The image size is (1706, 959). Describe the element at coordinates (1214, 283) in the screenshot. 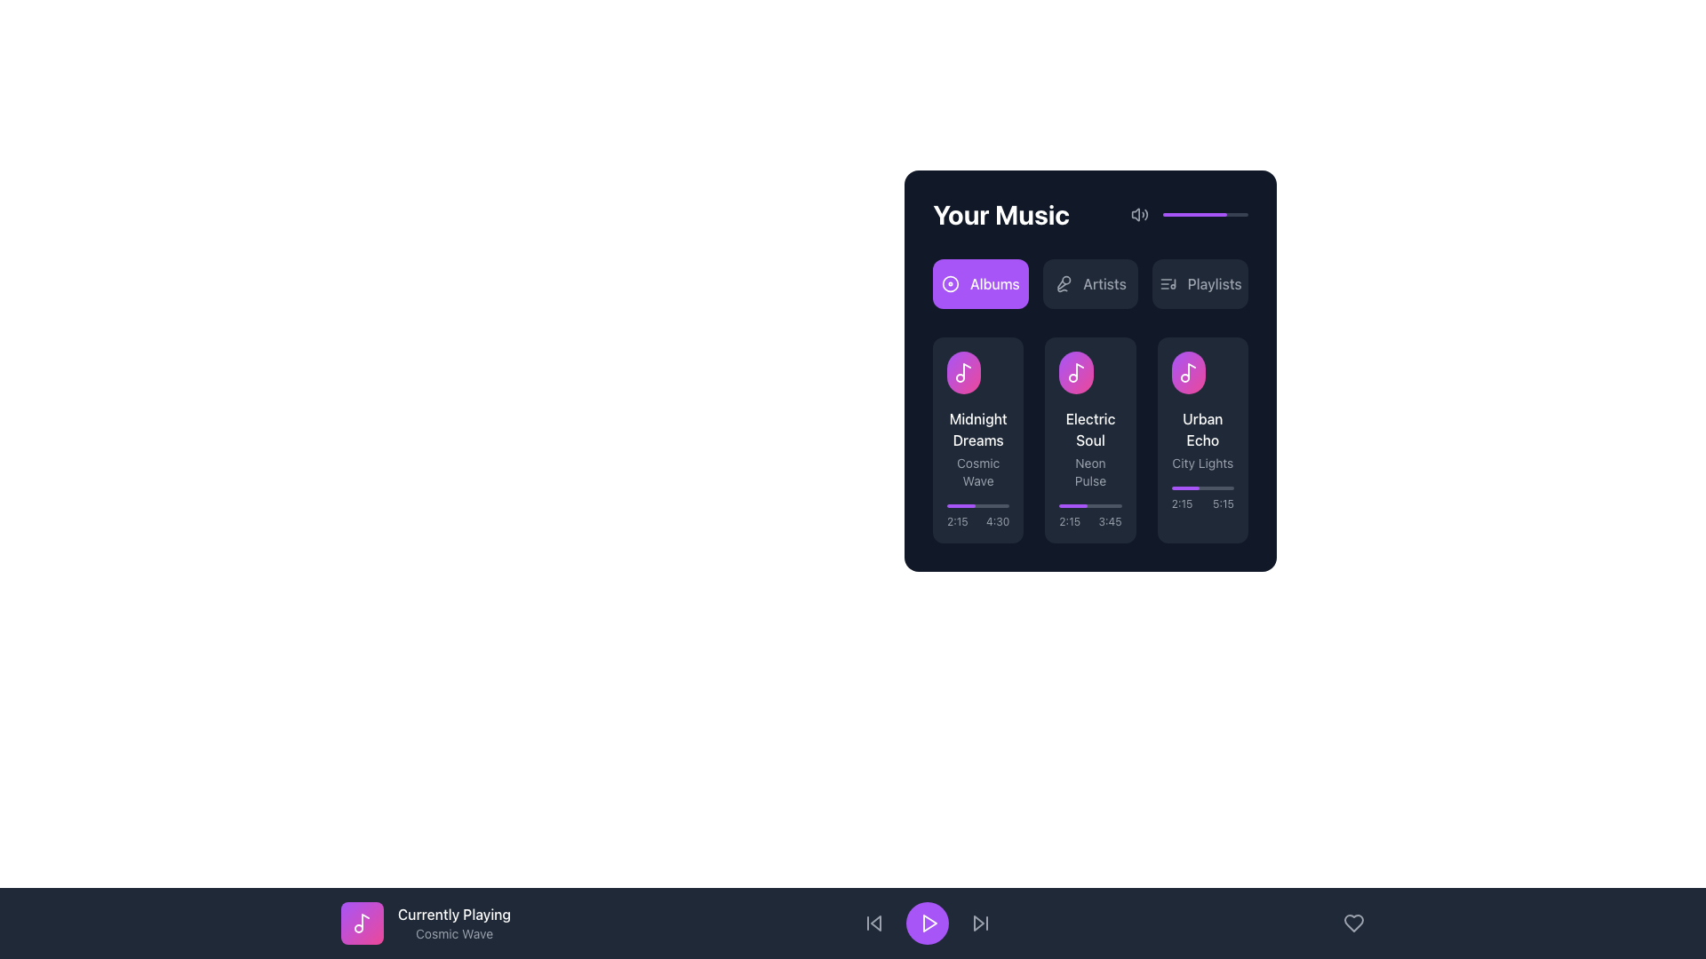

I see `the 'Playlists' navigation tab, which is styled with light gray text on a dark gray background, located in the horizontal navigation menu of the 'Your Music' section` at that location.